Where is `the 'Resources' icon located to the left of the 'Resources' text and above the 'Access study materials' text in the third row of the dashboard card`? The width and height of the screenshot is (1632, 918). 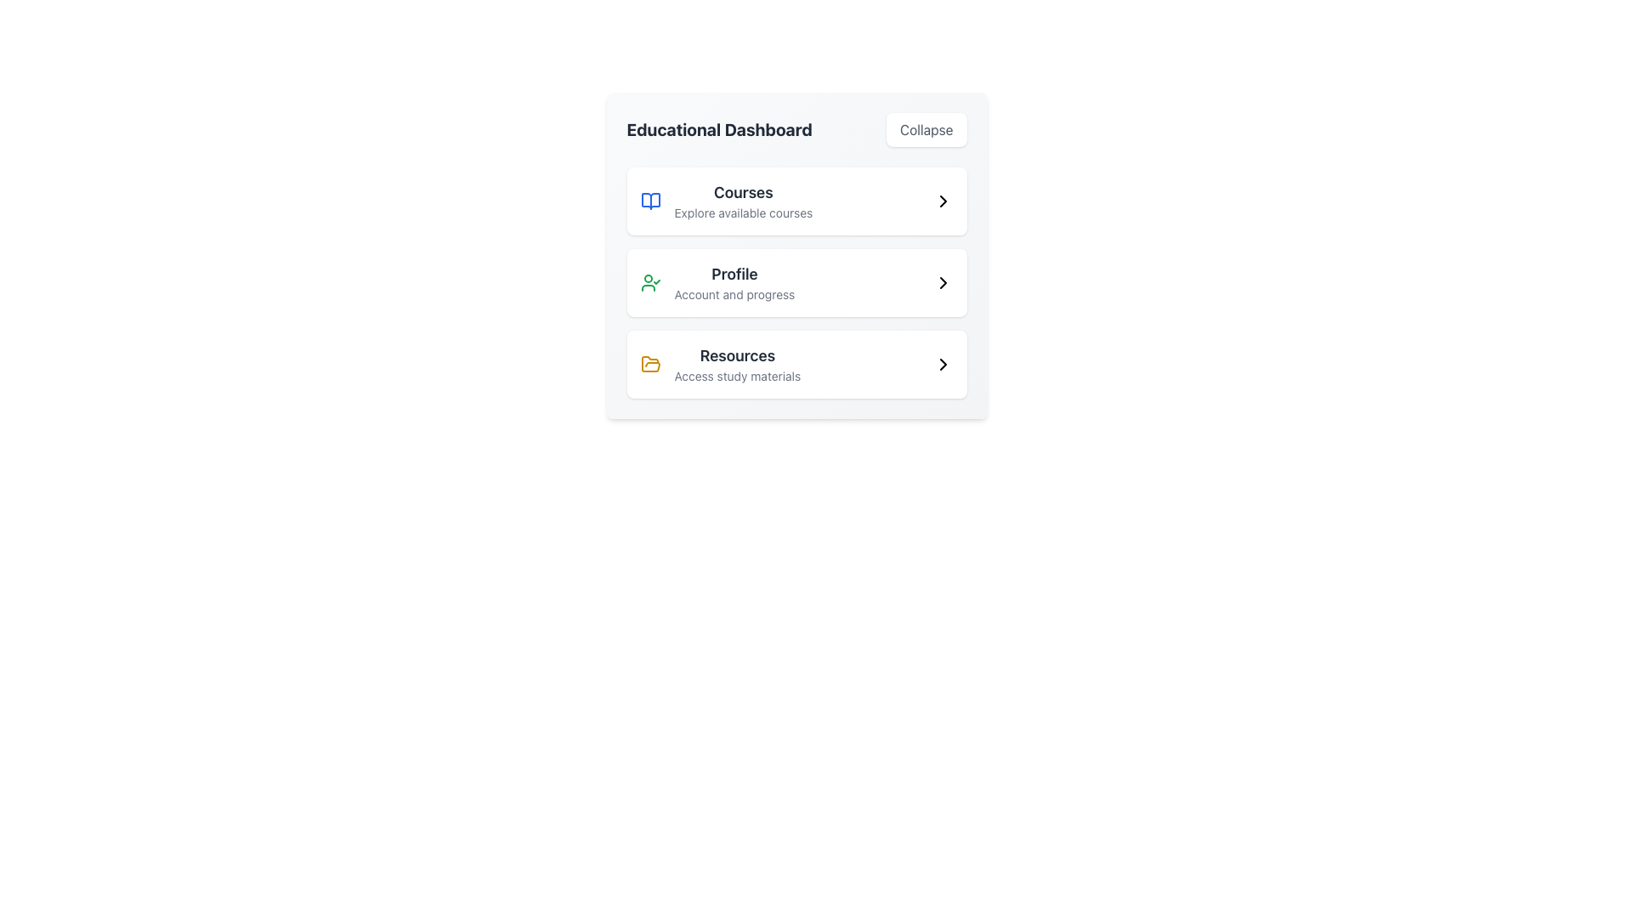 the 'Resources' icon located to the left of the 'Resources' text and above the 'Access study materials' text in the third row of the dashboard card is located at coordinates (649, 363).